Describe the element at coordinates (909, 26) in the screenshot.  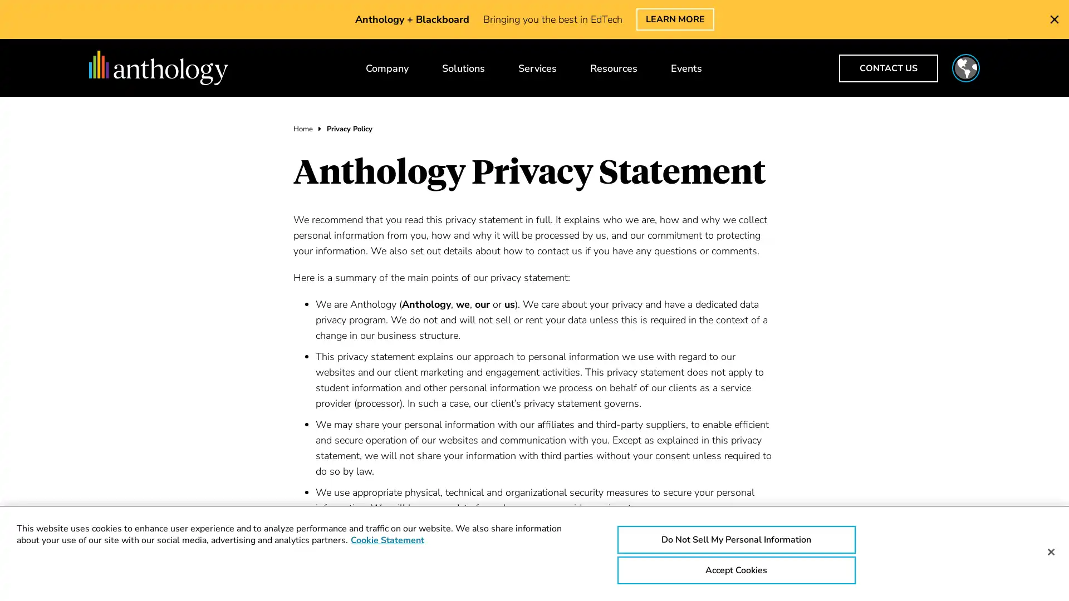
I see `CLOSE` at that location.